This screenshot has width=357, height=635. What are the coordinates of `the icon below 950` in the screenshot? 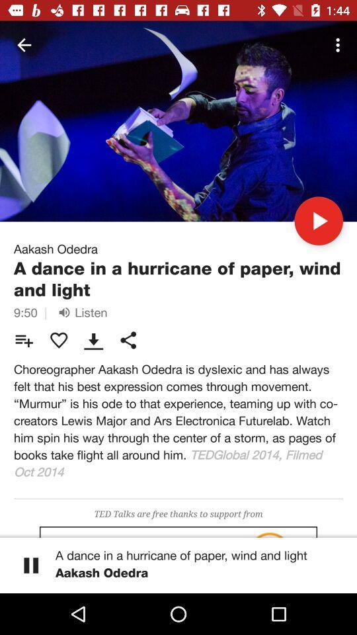 It's located at (24, 339).